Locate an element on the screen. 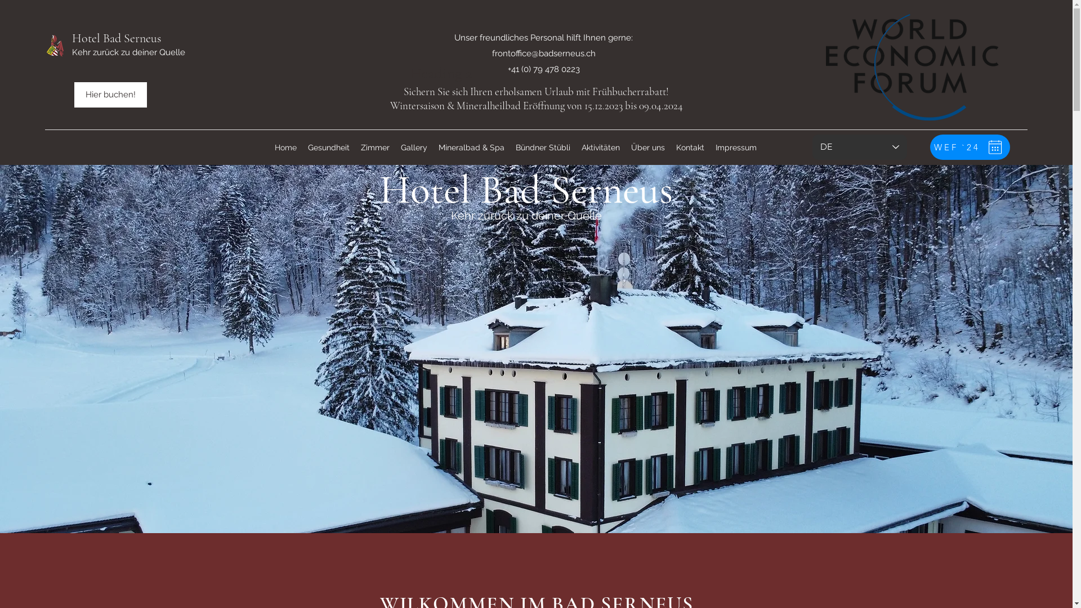 The height and width of the screenshot is (608, 1081). 'Hotel Bad Serneus' is located at coordinates (116, 38).